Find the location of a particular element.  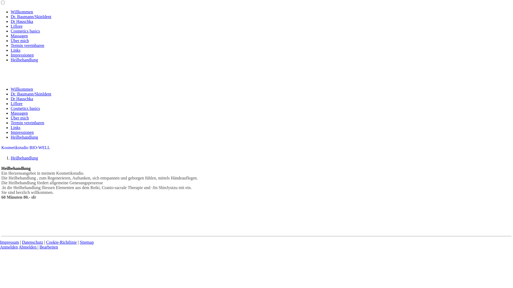

'Liflore' is located at coordinates (17, 26).